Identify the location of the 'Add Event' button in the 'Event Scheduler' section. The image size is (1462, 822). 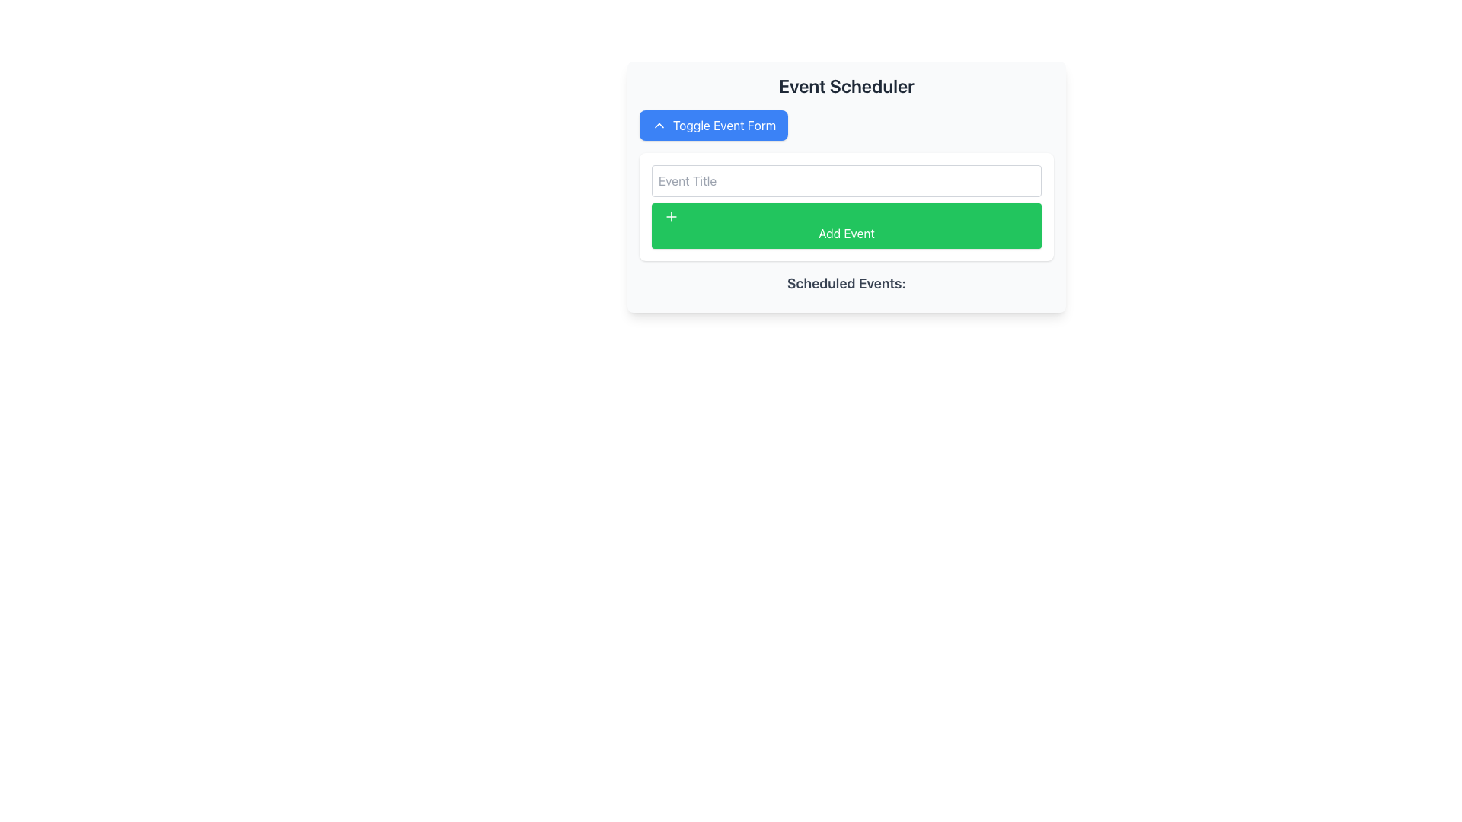
(846, 207).